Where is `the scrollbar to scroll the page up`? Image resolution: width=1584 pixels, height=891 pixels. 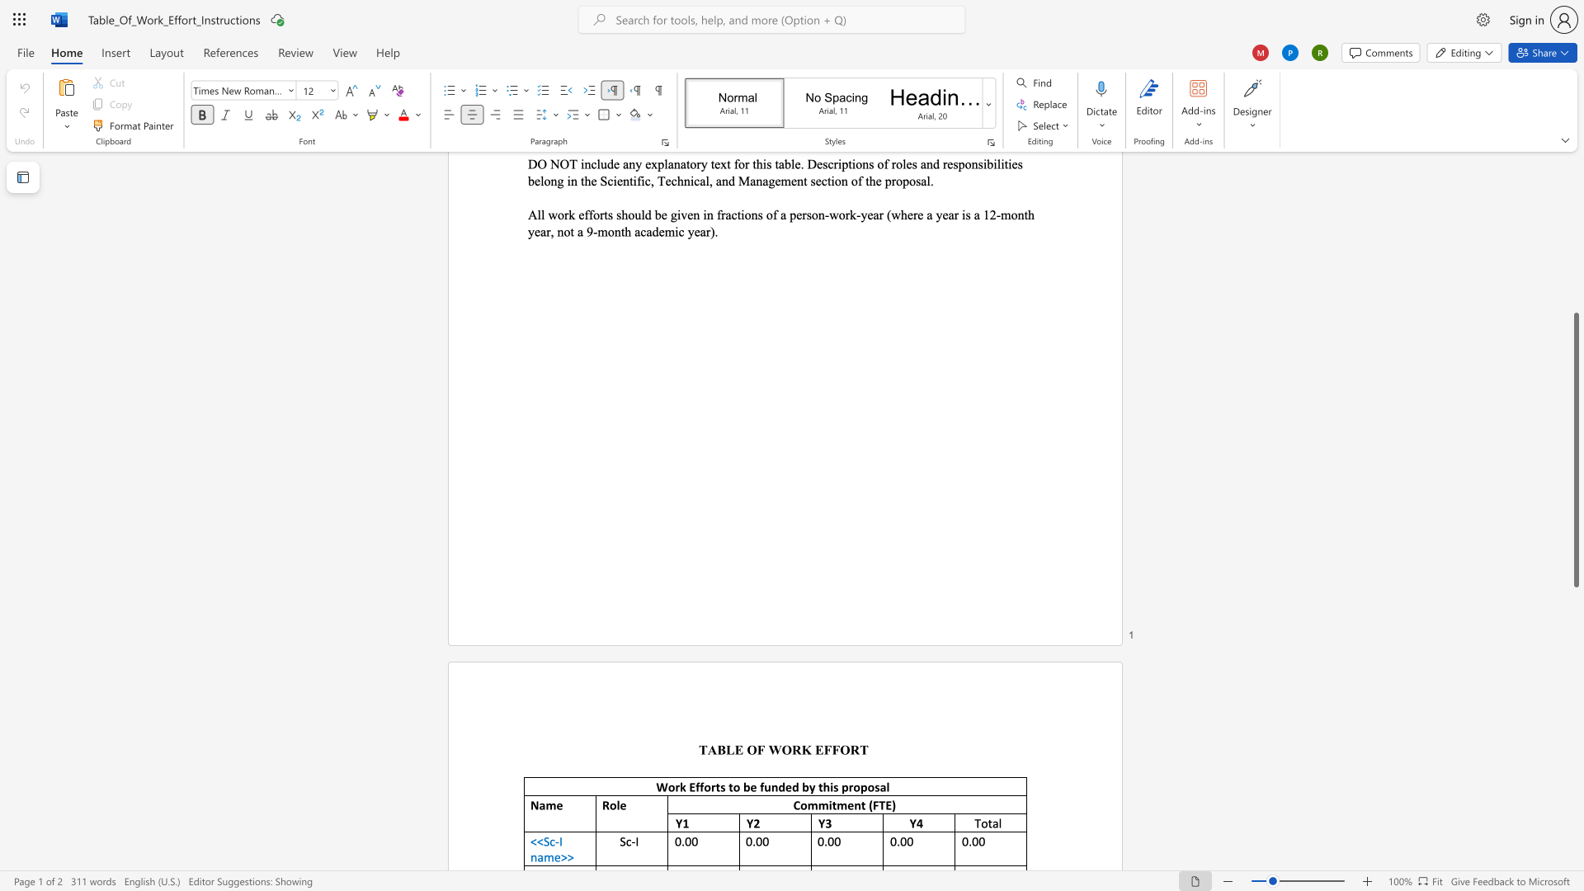
the scrollbar to scroll the page up is located at coordinates (1575, 189).